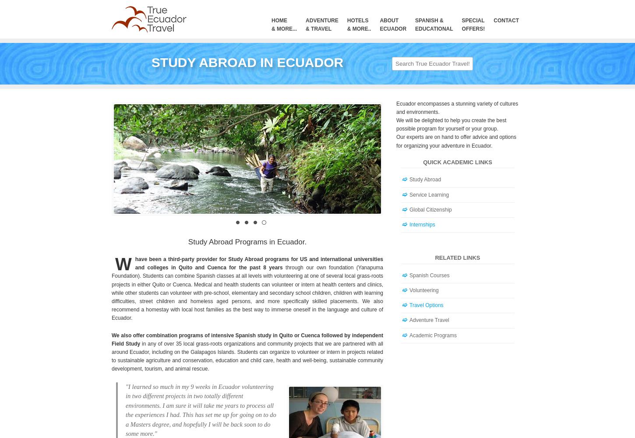 The width and height of the screenshot is (635, 438). What do you see at coordinates (451, 124) in the screenshot?
I see `'We will be delighted to help you create the best possible program for yourself or your group.'` at bounding box center [451, 124].